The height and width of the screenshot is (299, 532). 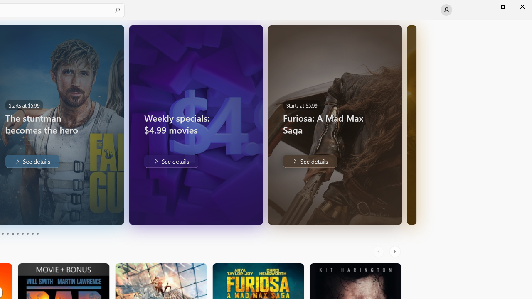 I want to click on 'Page 7', so click(x=22, y=234).